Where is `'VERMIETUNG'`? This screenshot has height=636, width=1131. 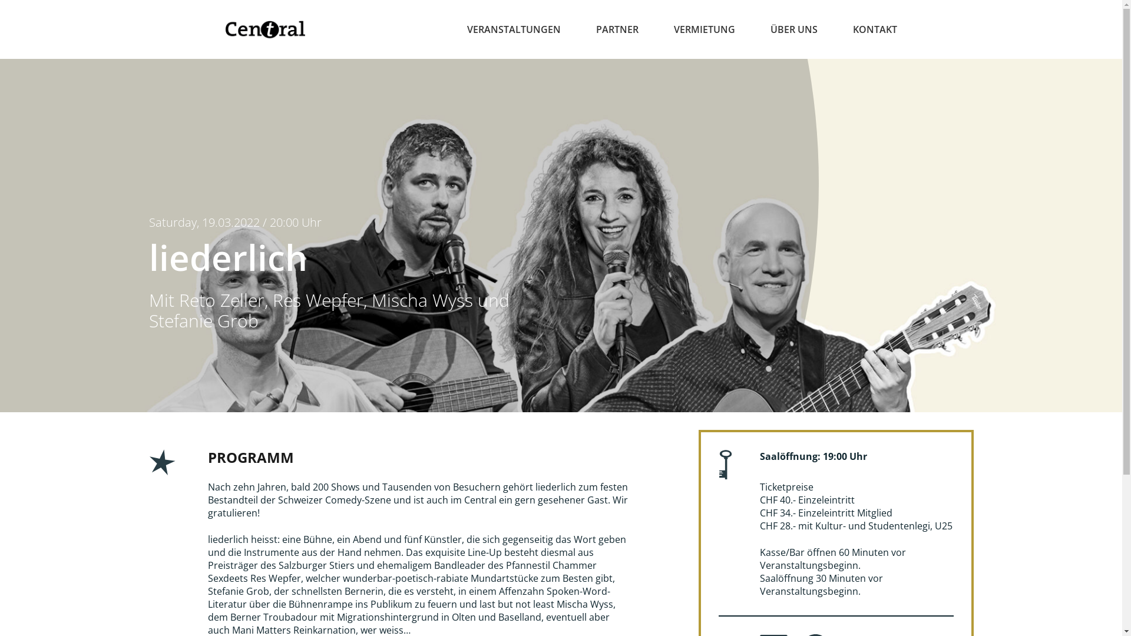 'VERMIETUNG' is located at coordinates (704, 29).